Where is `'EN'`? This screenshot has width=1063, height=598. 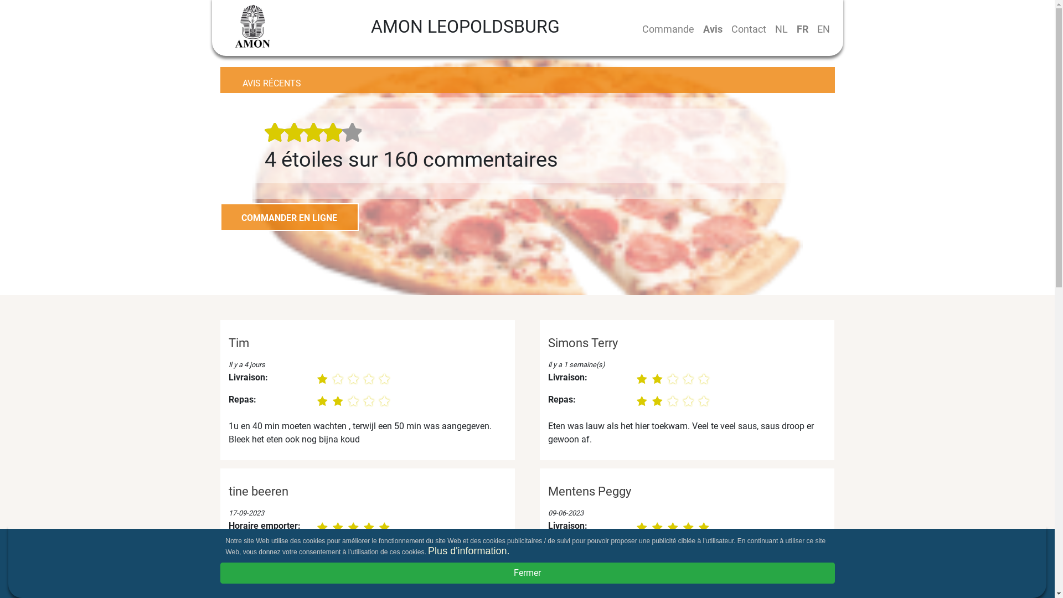
'EN' is located at coordinates (823, 28).